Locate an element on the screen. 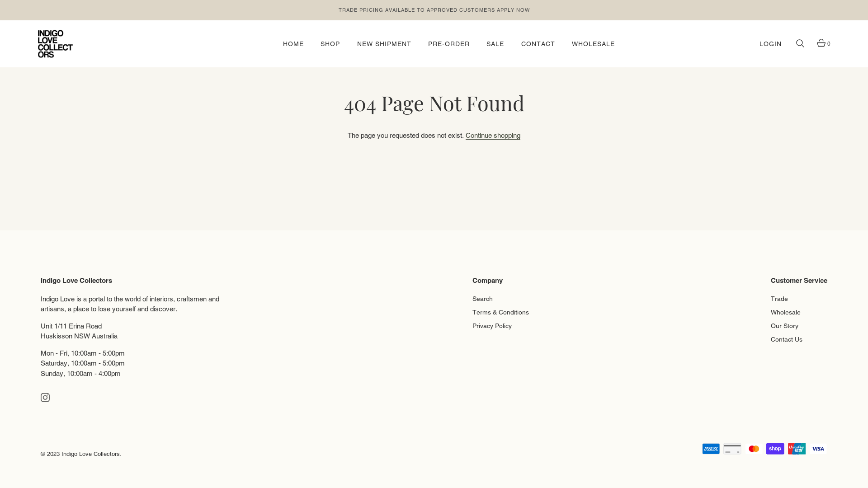 The width and height of the screenshot is (868, 488). 'Continue shopping' is located at coordinates (492, 136).